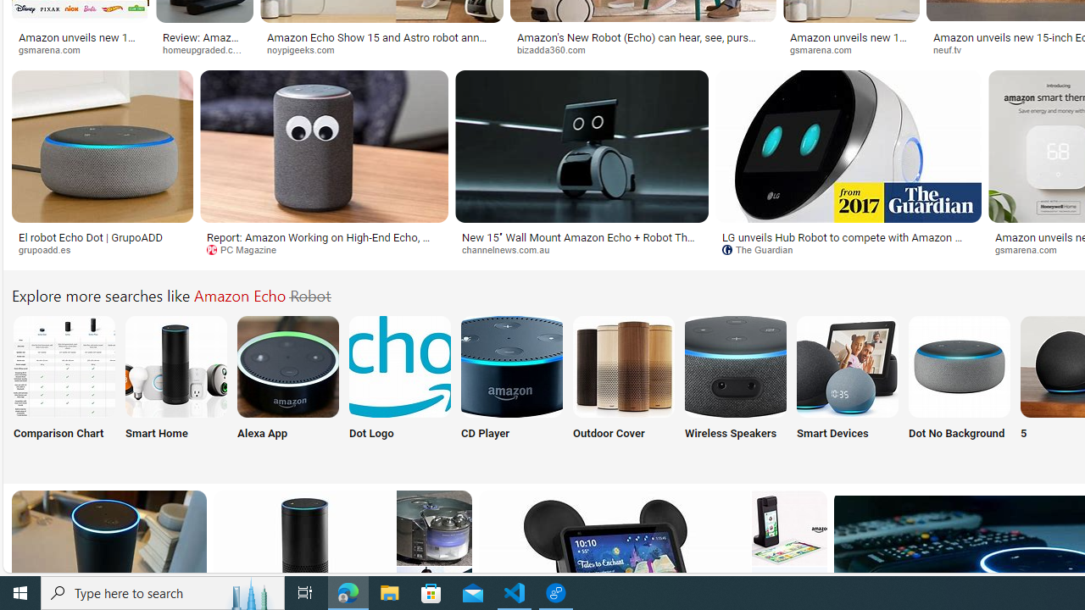  I want to click on 'homeupgraded.com', so click(209, 48).